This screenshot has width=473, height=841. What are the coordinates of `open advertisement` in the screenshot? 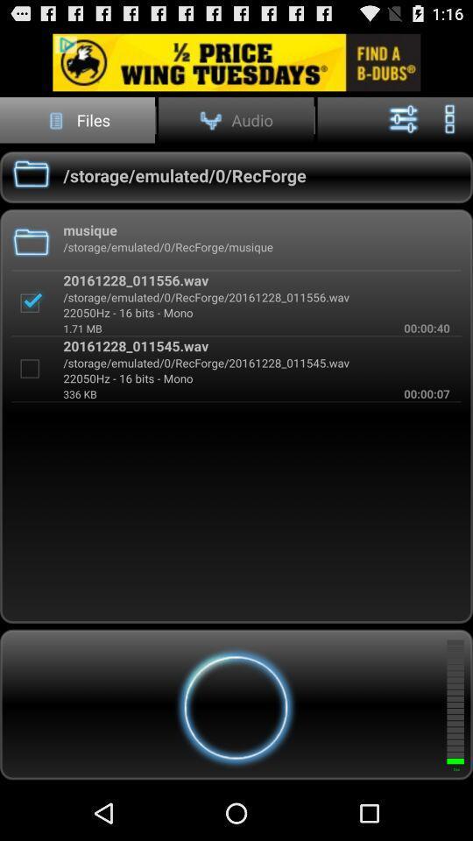 It's located at (236, 62).